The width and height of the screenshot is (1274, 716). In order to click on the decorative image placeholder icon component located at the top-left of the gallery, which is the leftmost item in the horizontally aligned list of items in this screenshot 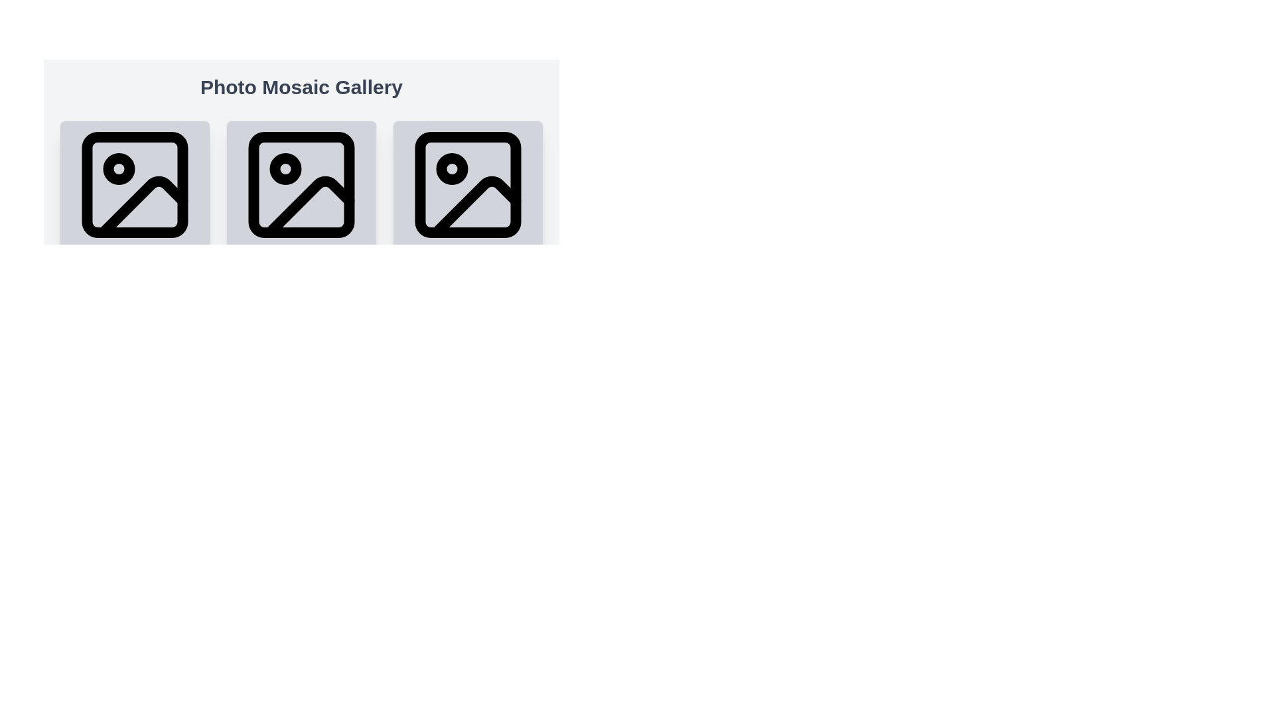, I will do `click(135, 184)`.